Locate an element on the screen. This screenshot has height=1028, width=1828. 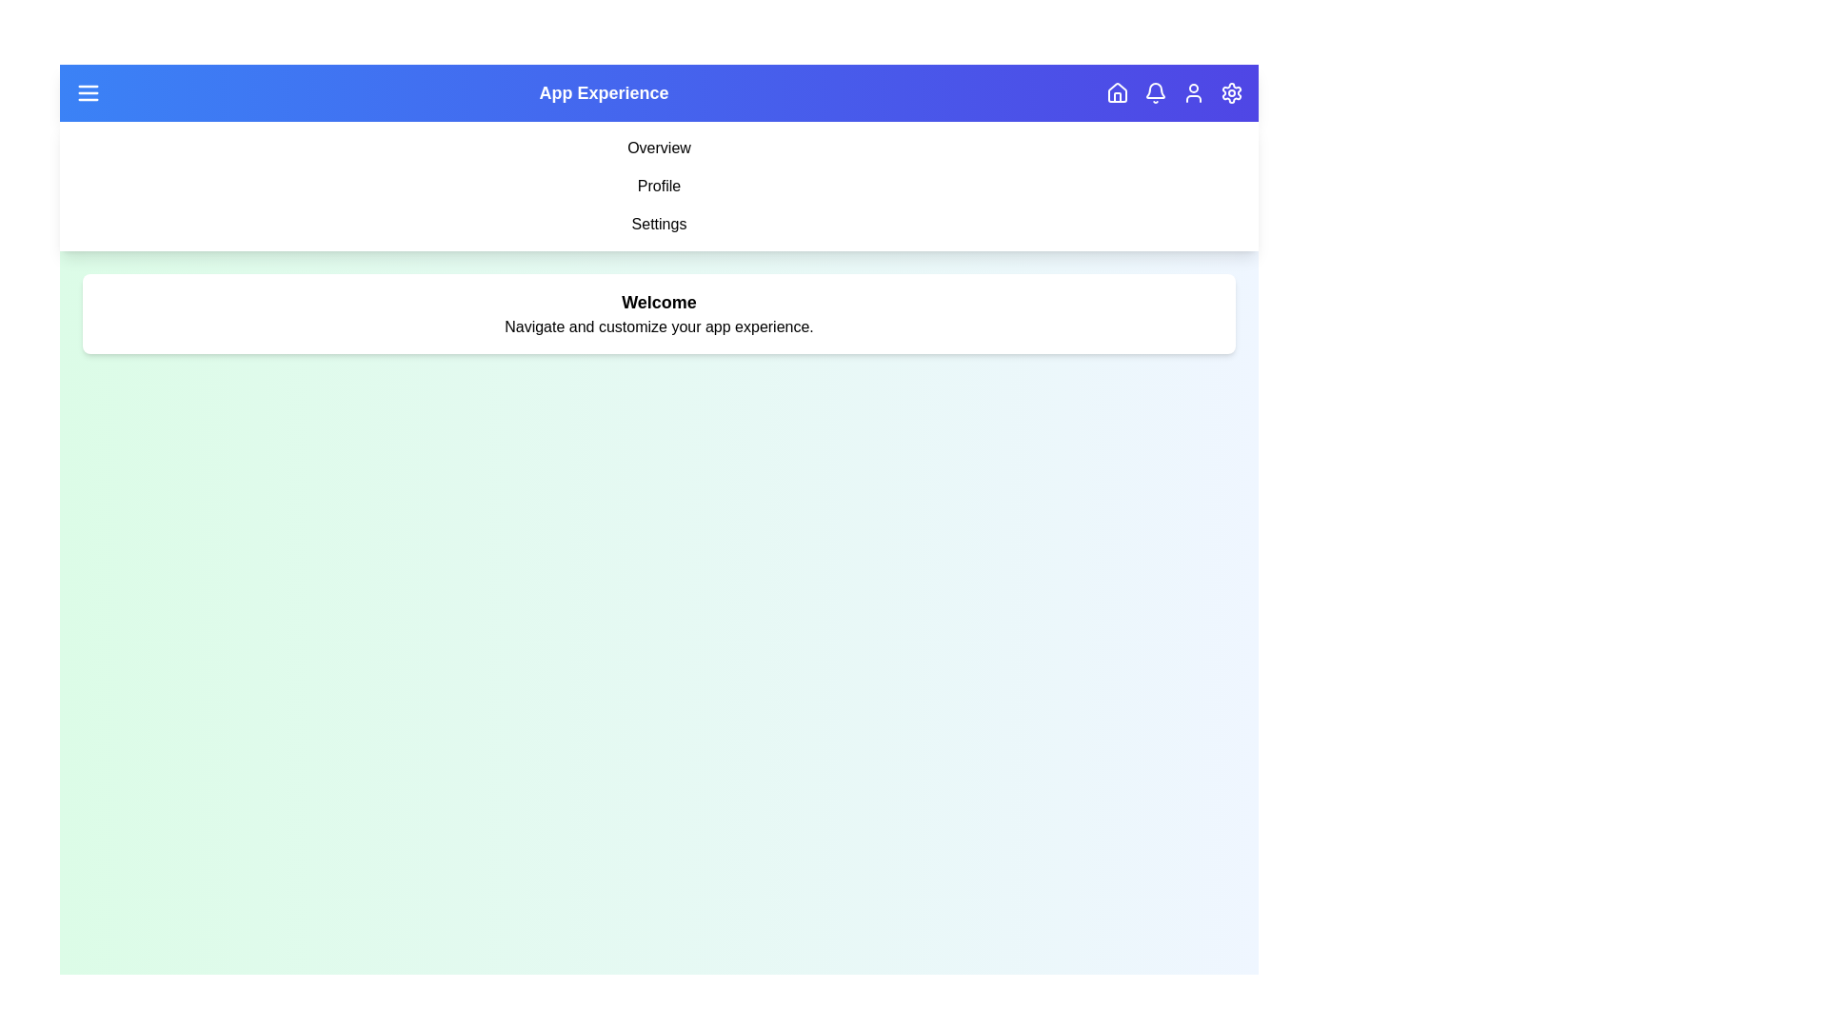
the header text to inspect its context is located at coordinates (603, 92).